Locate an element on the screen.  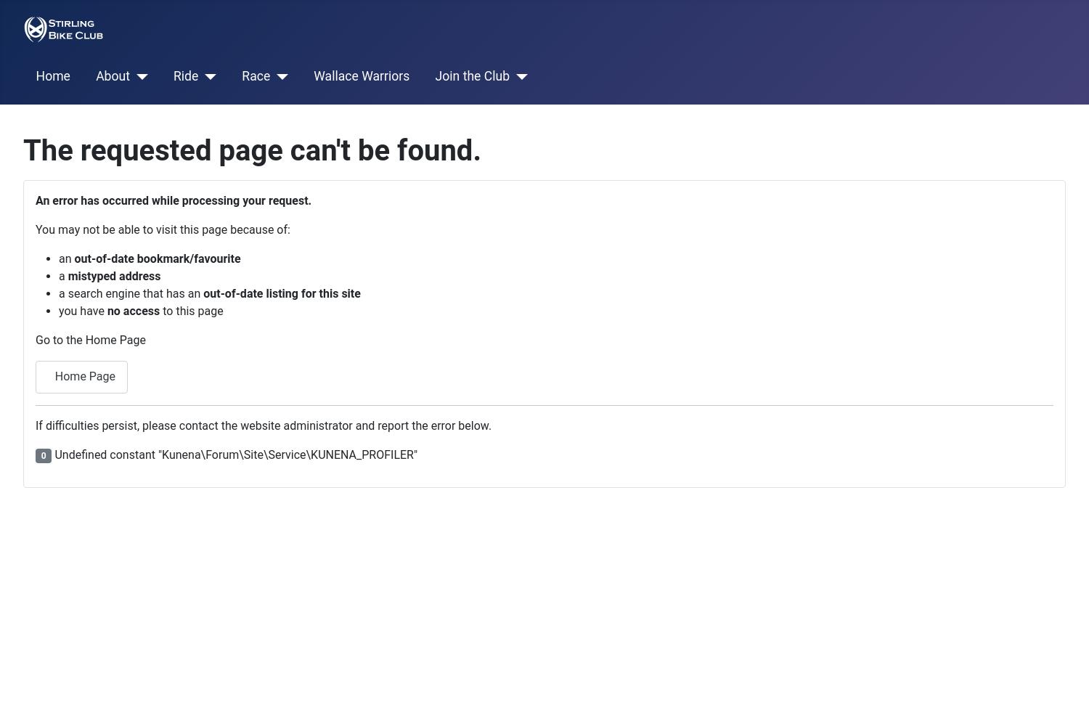
'Join the Club' is located at coordinates (472, 76).